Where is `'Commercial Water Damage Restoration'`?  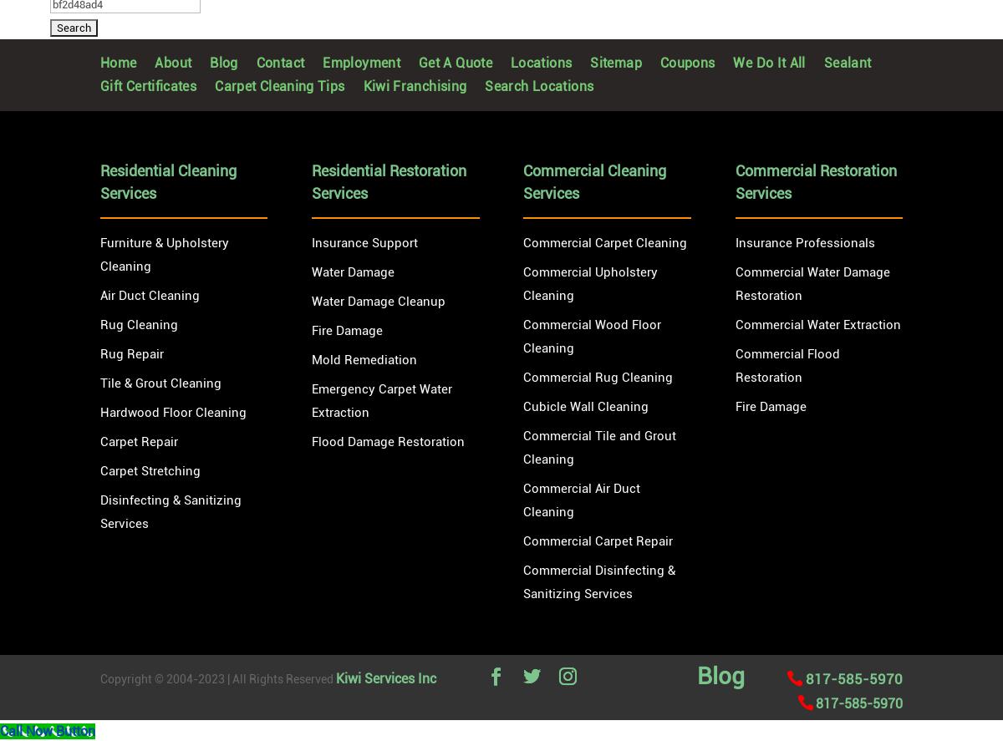
'Commercial Water Damage Restoration' is located at coordinates (812, 283).